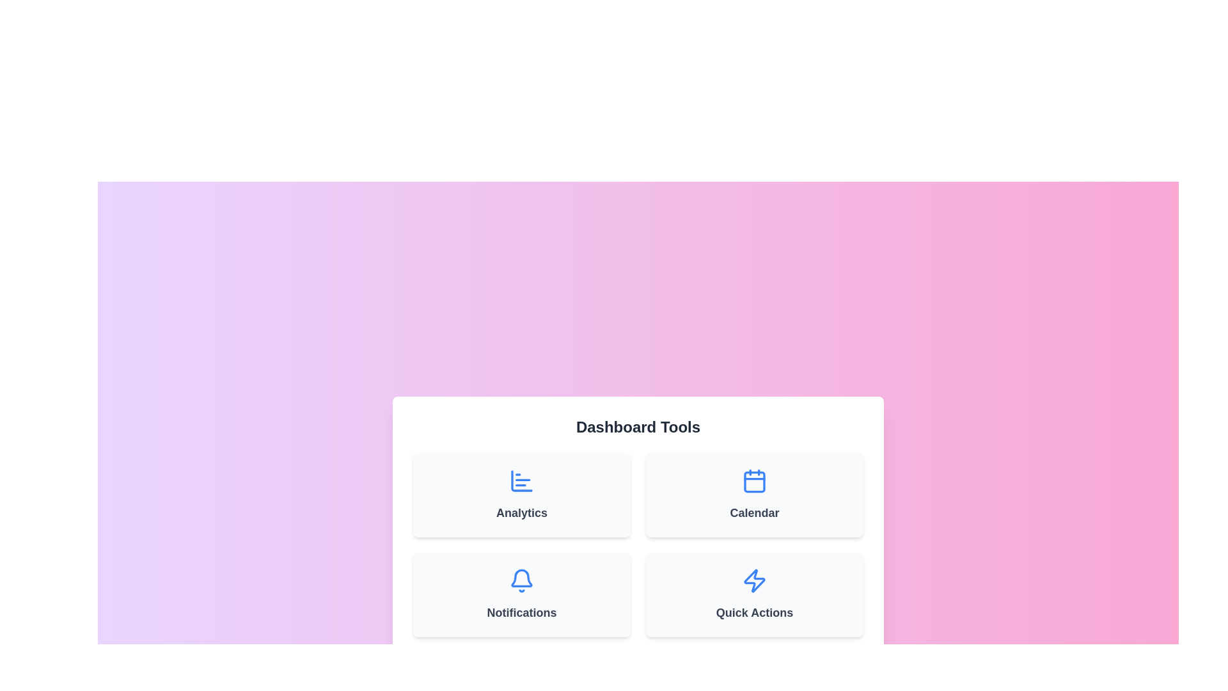 The width and height of the screenshot is (1228, 691). I want to click on the blue calendar icon located in the top-right card of the 'Dashboard Tools' section, which features a rectangular outline and a header strip with two dots, so click(755, 481).